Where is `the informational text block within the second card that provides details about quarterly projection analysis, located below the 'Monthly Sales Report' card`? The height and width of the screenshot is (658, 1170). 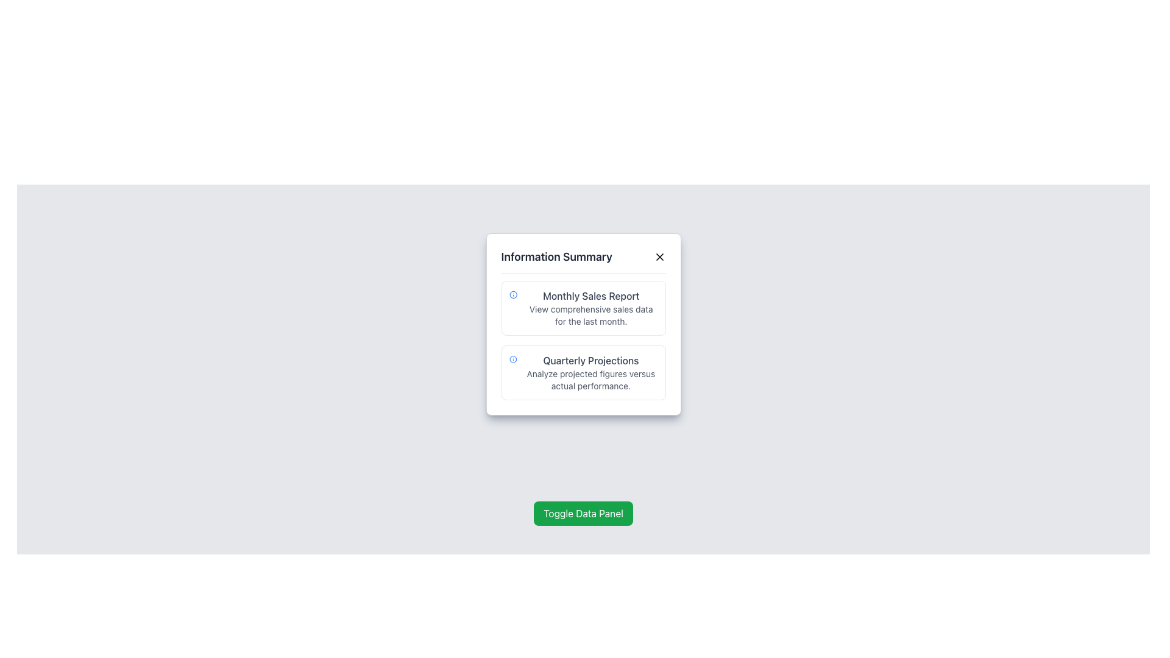 the informational text block within the second card that provides details about quarterly projection analysis, located below the 'Monthly Sales Report' card is located at coordinates (590, 372).